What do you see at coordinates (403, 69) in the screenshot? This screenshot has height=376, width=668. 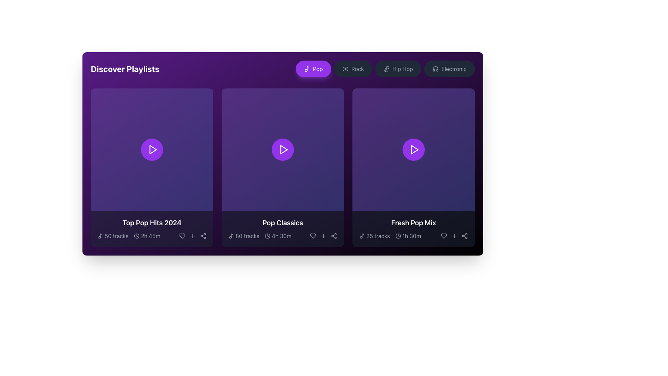 I see `the button labeled 'Hip Hop' in the navigation bar to filter for Hip Hop music content` at bounding box center [403, 69].